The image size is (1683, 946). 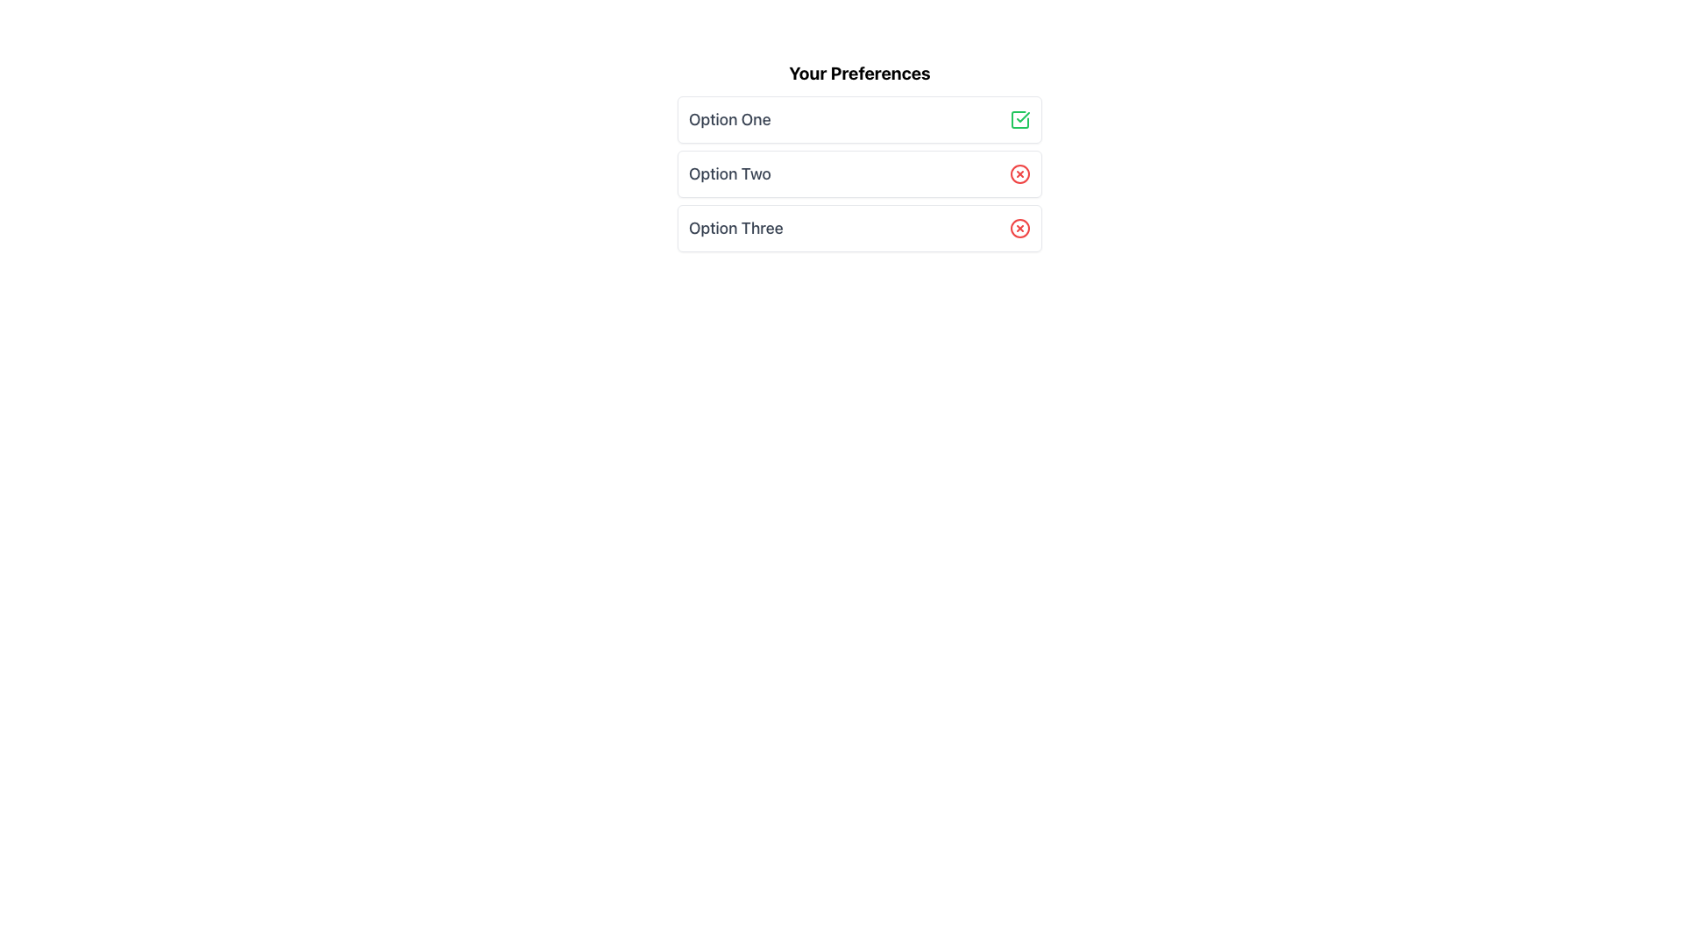 What do you see at coordinates (1019, 228) in the screenshot?
I see `the red circular icon with a cross inside, located in the third row under 'Your Preferences' labeled 'Option Three'` at bounding box center [1019, 228].